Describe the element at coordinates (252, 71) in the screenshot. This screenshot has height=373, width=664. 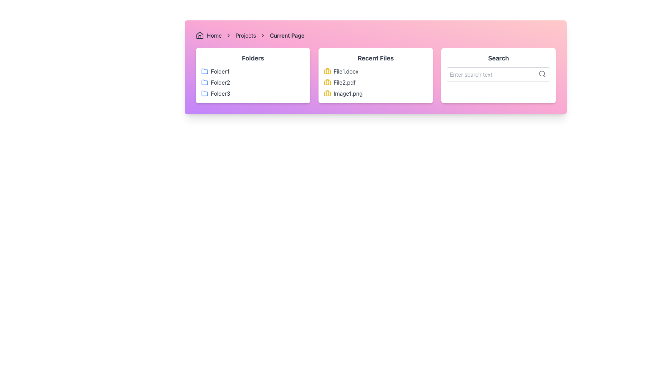
I see `the 'Folder1' element, which is the first item in the list of folders` at that location.